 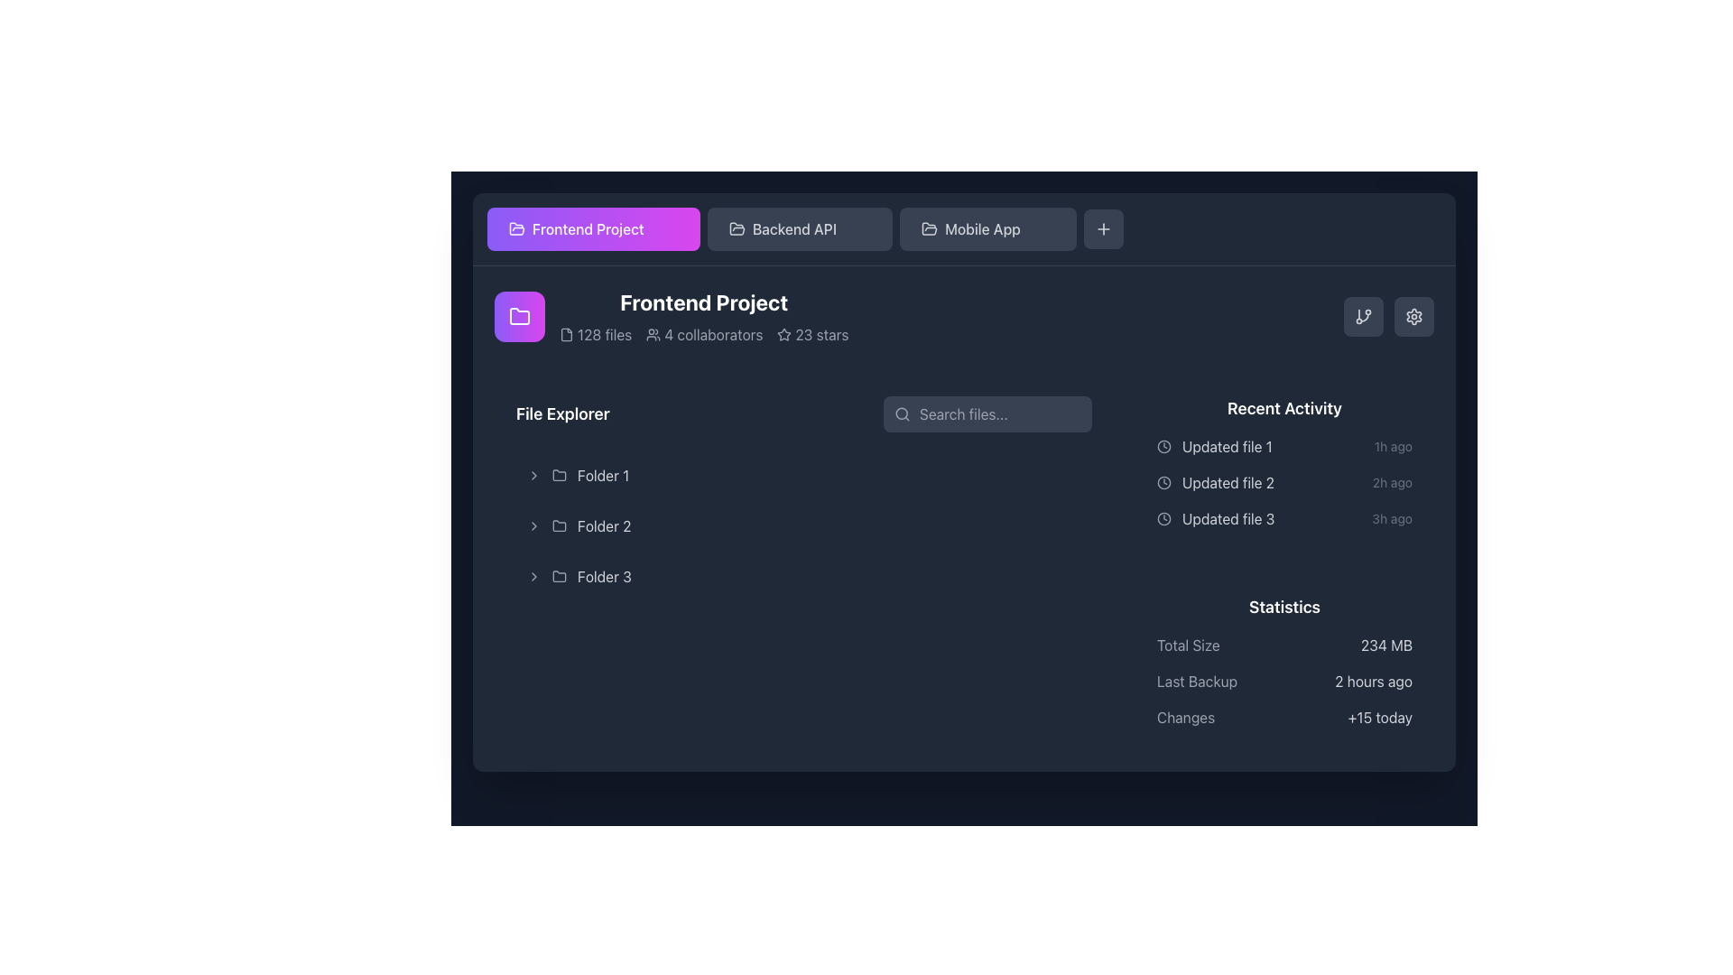 What do you see at coordinates (1391, 482) in the screenshot?
I see `the timestamp text label indicating 'Updated file 2' last occurred two hours ago, located in the 'Recent Activity' section, as the second timestamp from the top` at bounding box center [1391, 482].